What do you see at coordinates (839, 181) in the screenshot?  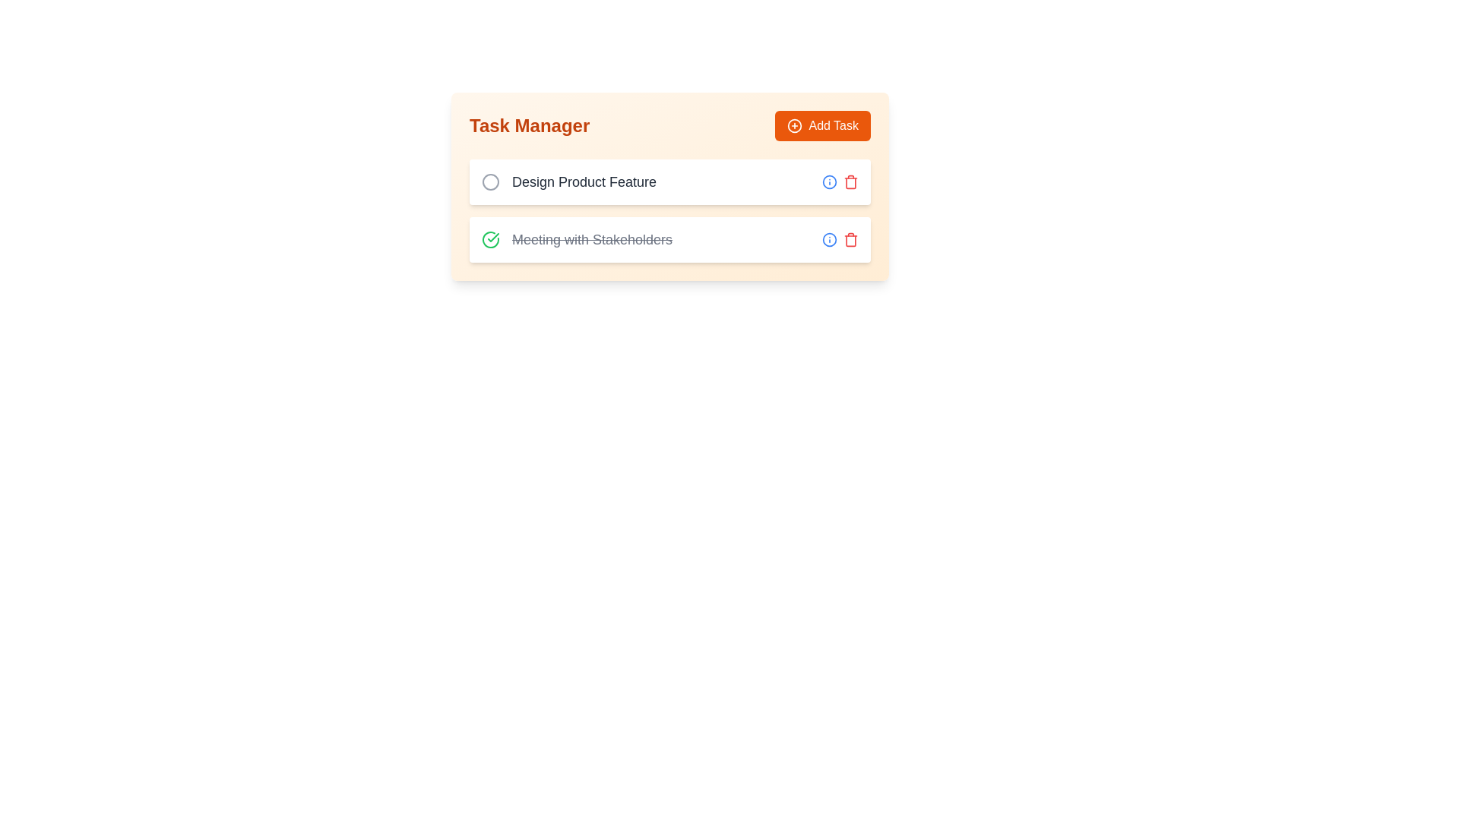 I see `the Button Group consisting of an information icon and a trash bin, located within the right section of the 'Design Product Feature' list item` at bounding box center [839, 181].